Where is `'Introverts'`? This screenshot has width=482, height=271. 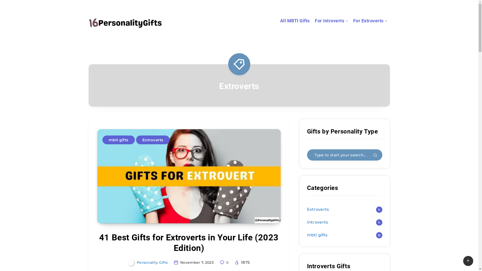 'Introverts' is located at coordinates (317, 222).